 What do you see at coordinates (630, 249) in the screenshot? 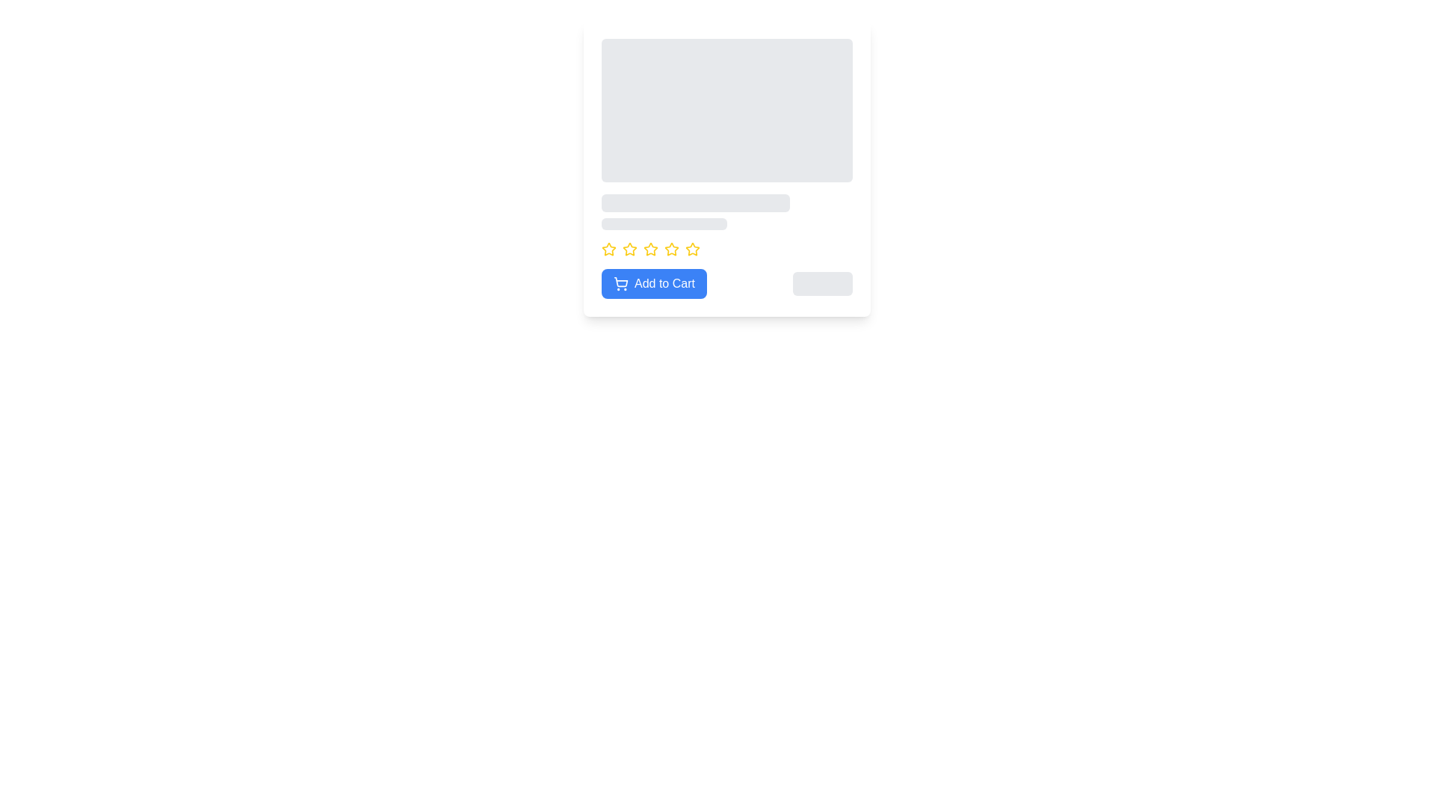
I see `the third star icon from the left` at bounding box center [630, 249].